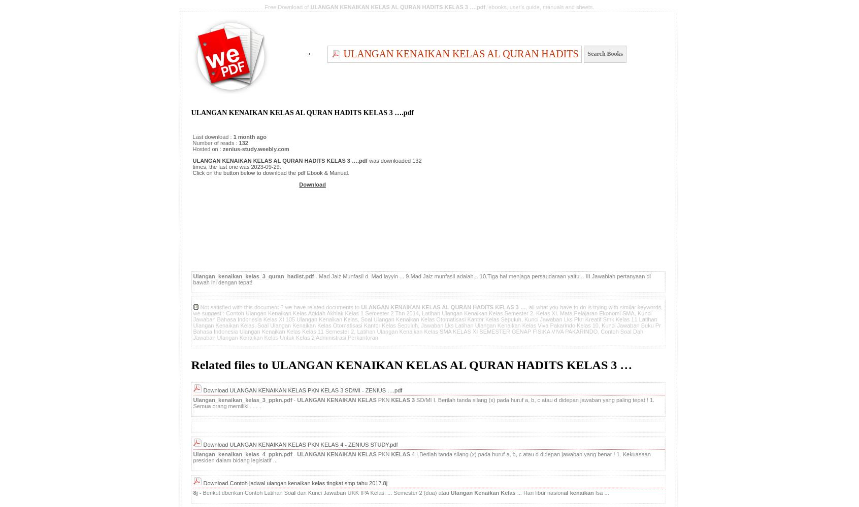  Describe the element at coordinates (414, 400) in the screenshot. I see `'3'` at that location.